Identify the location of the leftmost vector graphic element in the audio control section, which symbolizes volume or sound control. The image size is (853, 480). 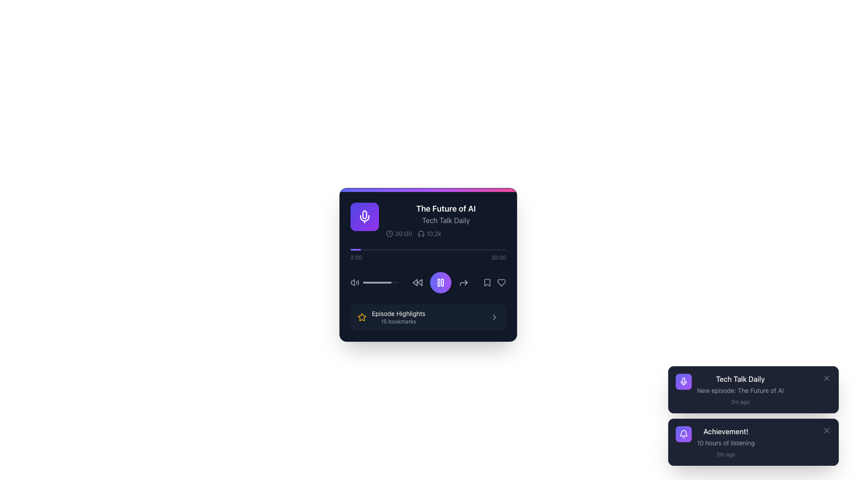
(352, 283).